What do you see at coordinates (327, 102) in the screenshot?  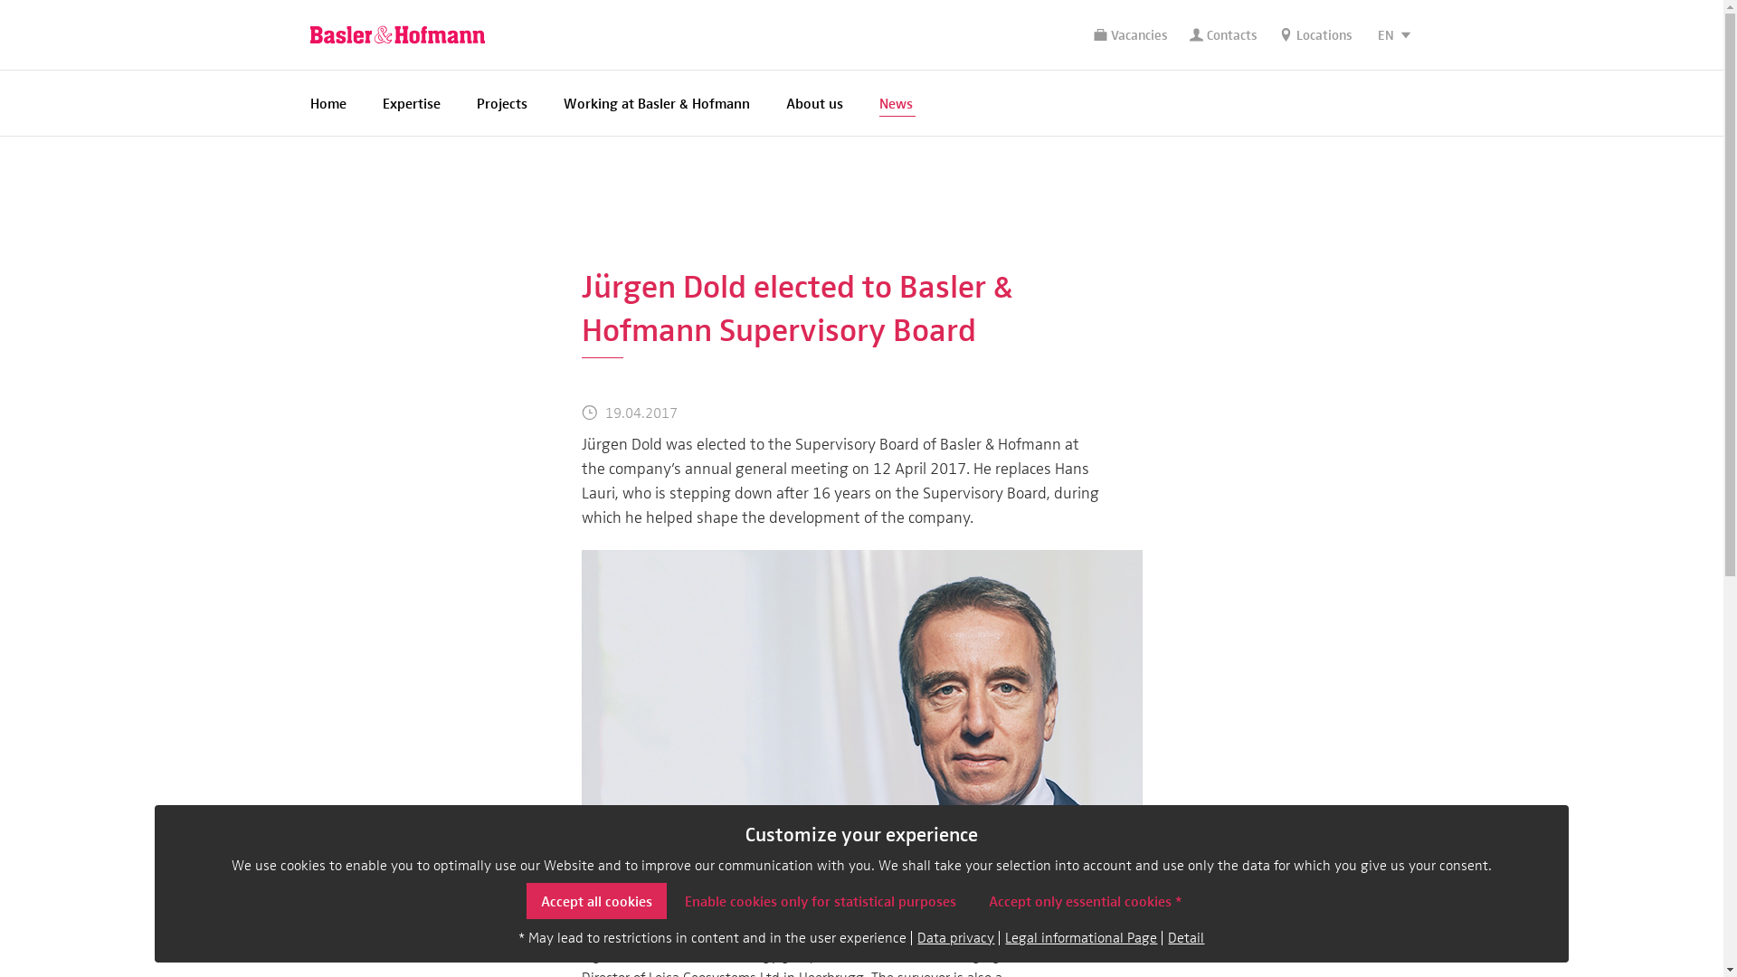 I see `'Home'` at bounding box center [327, 102].